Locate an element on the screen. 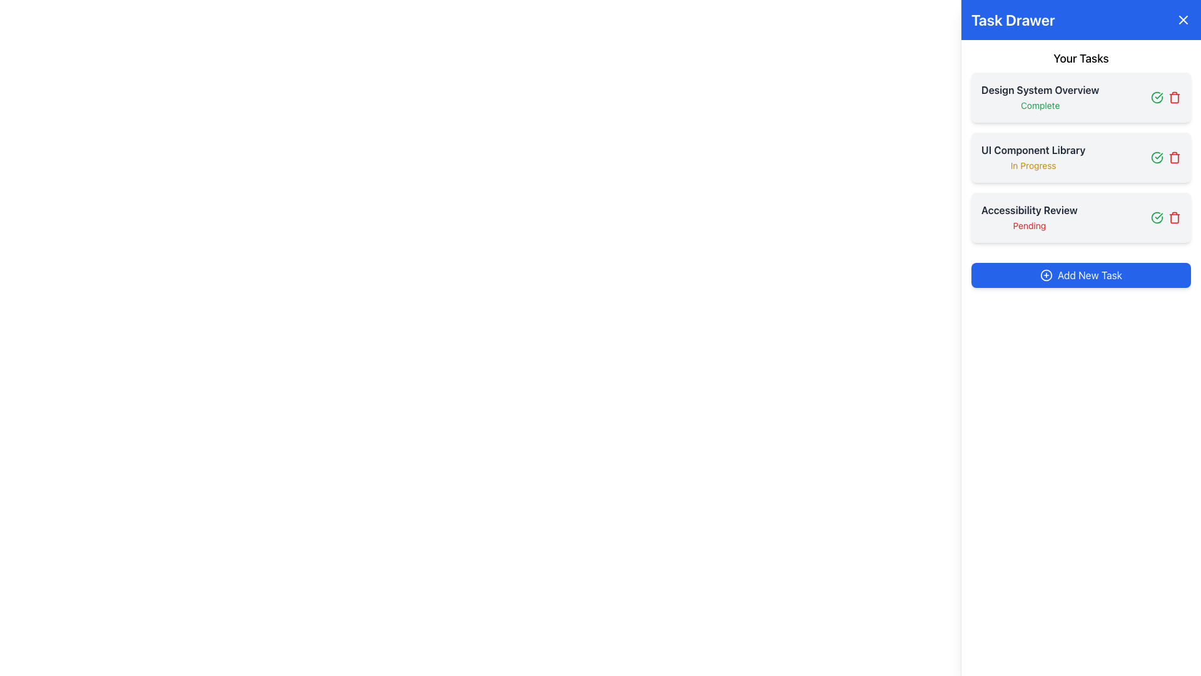 This screenshot has height=676, width=1201. the heading text label for the second task item in the 'Your Tasks' section of the 'Task Drawer' to initiate further actions is located at coordinates (1033, 149).